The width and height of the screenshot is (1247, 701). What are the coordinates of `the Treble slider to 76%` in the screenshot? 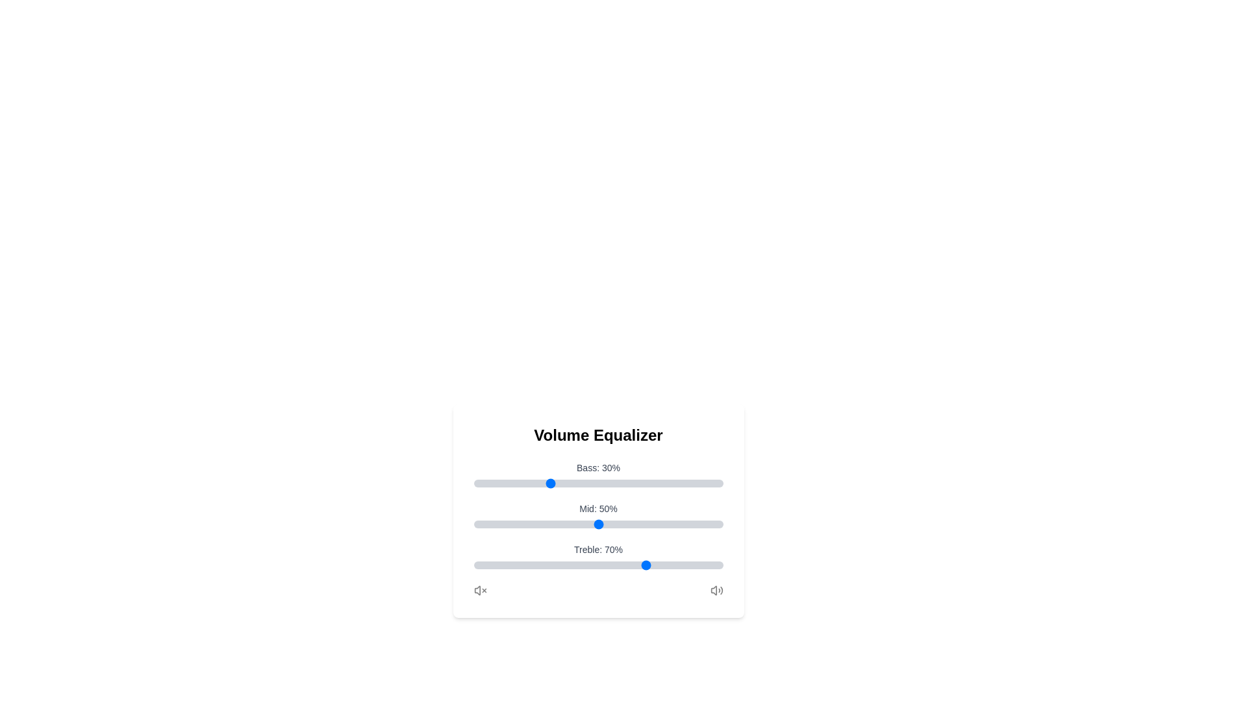 It's located at (663, 565).